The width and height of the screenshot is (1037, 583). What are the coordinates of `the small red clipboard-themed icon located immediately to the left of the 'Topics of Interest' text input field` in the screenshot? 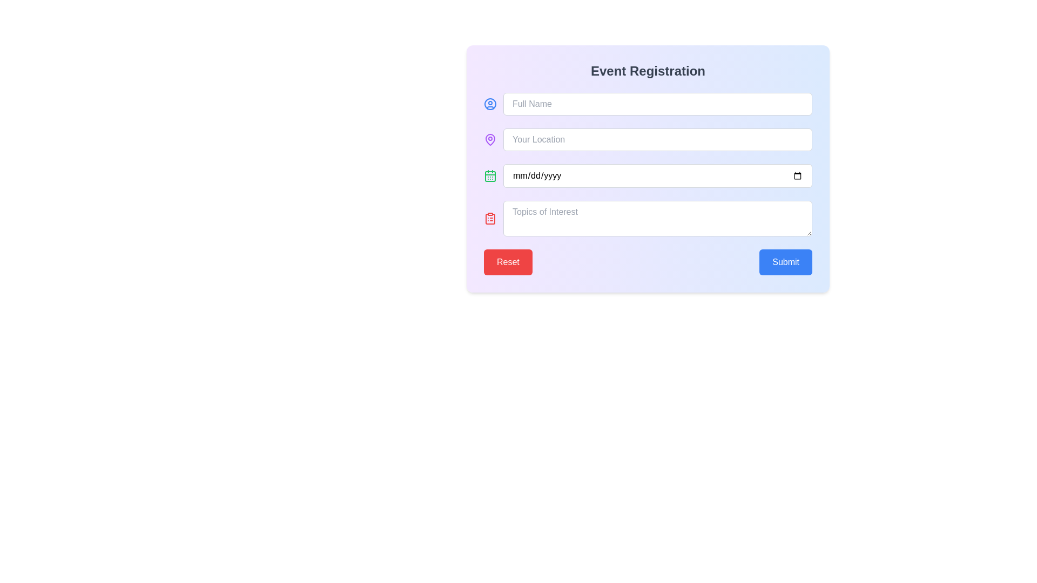 It's located at (489, 219).